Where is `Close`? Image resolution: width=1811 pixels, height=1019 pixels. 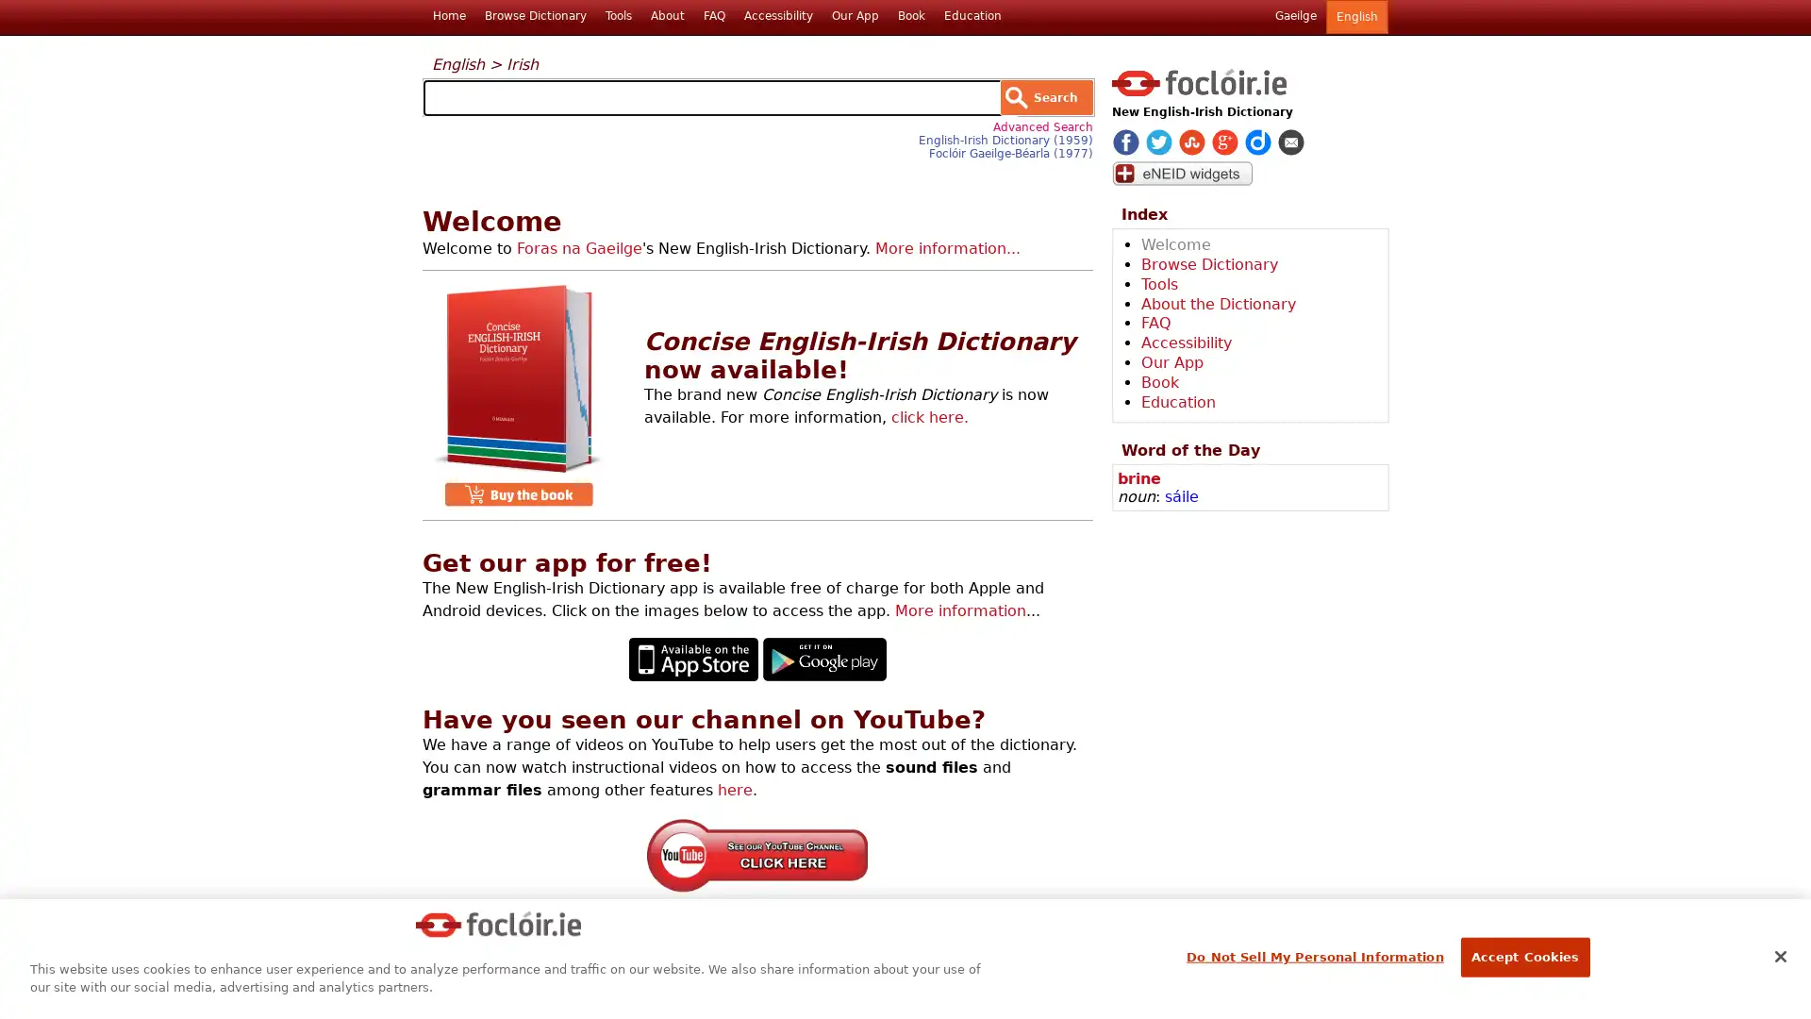
Close is located at coordinates (1779, 957).